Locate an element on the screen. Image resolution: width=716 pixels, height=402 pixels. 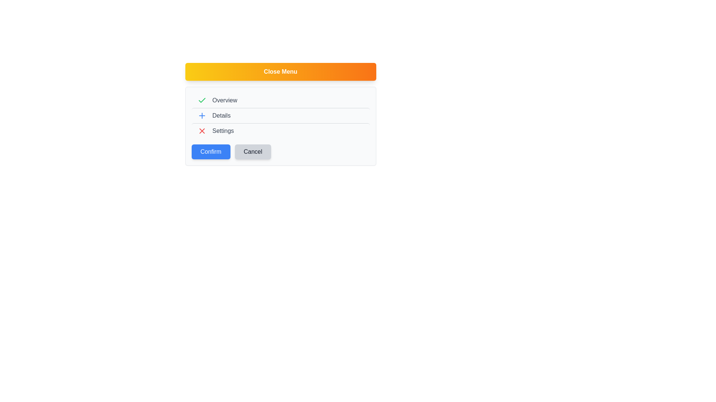
the menu item labeled Details is located at coordinates (280, 115).